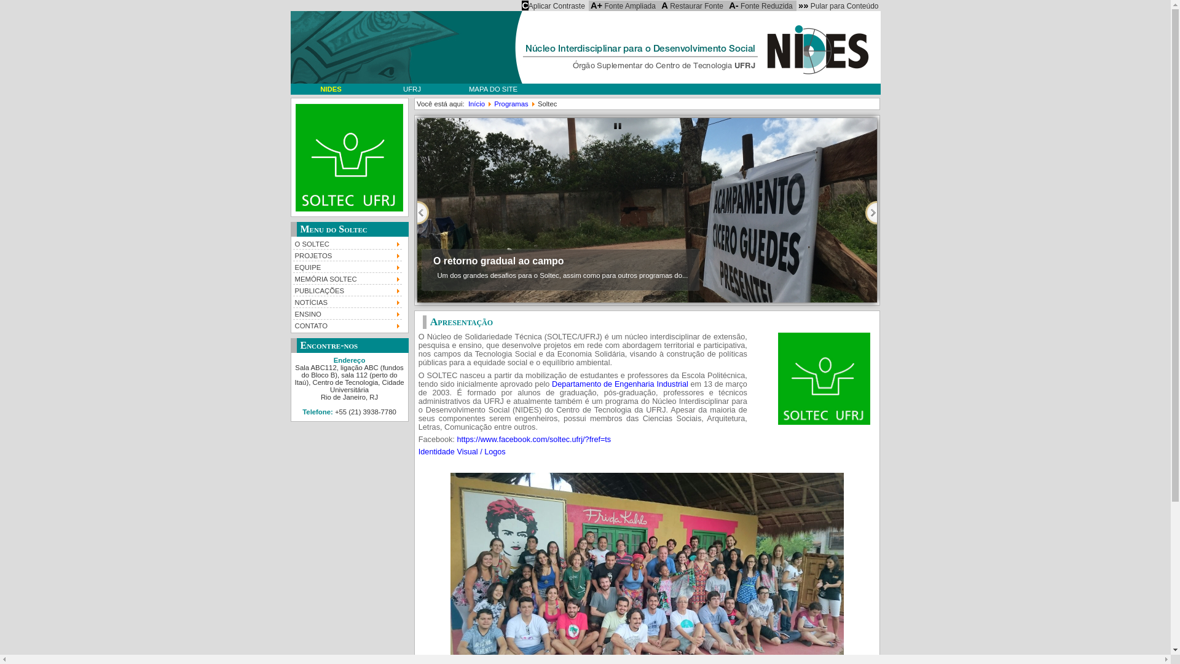 The image size is (1180, 664). I want to click on 'CONTATO', so click(347, 324).